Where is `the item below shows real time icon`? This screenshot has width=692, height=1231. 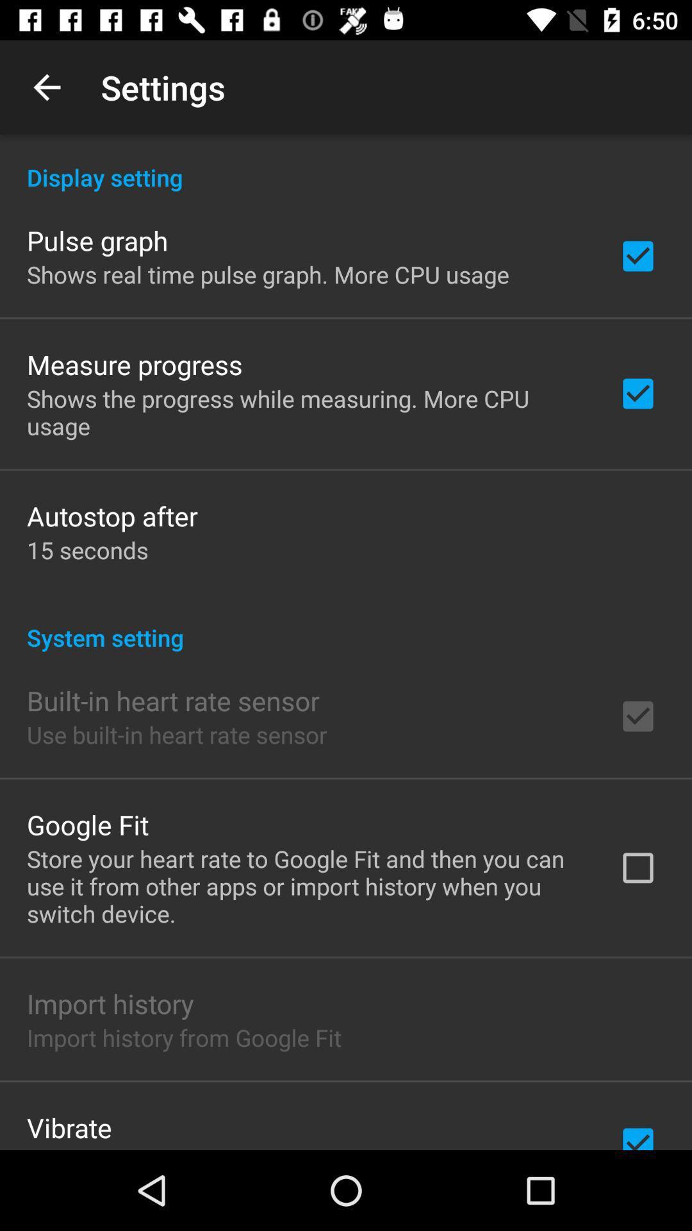
the item below shows real time icon is located at coordinates (135, 364).